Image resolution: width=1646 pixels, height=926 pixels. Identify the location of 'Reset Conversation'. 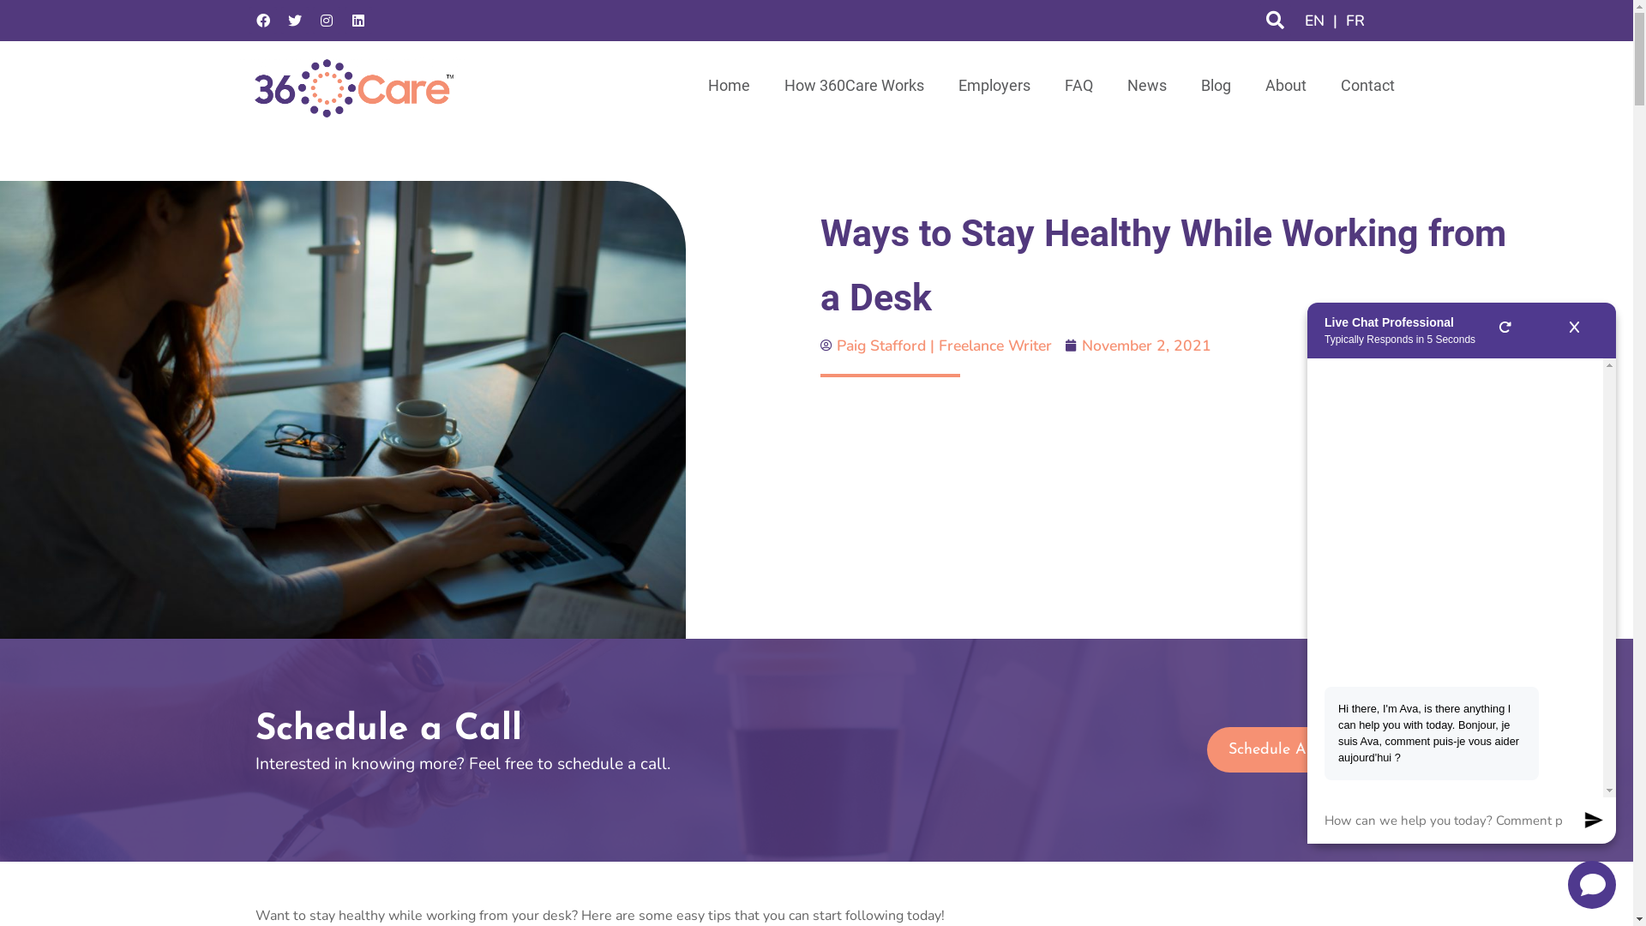
(1504, 330).